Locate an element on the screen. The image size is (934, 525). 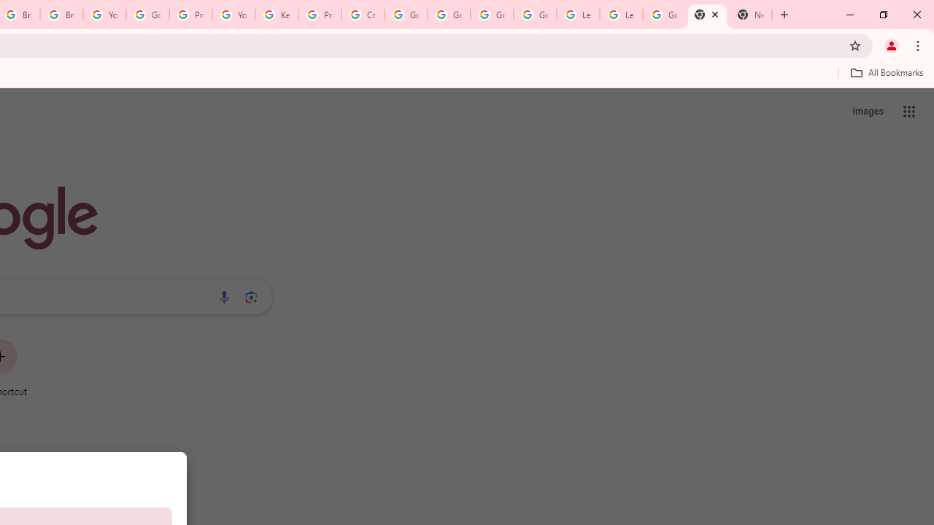
'Google Account' is located at coordinates (663, 15).